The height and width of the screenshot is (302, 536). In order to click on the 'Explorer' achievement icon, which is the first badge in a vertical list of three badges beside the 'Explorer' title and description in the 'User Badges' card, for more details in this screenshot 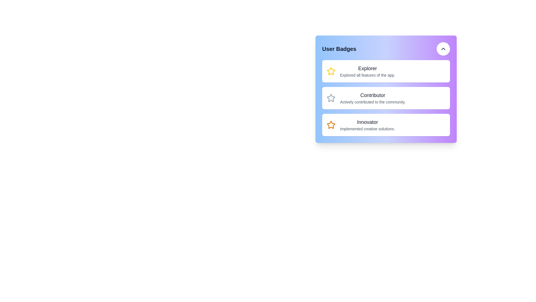, I will do `click(331, 71)`.